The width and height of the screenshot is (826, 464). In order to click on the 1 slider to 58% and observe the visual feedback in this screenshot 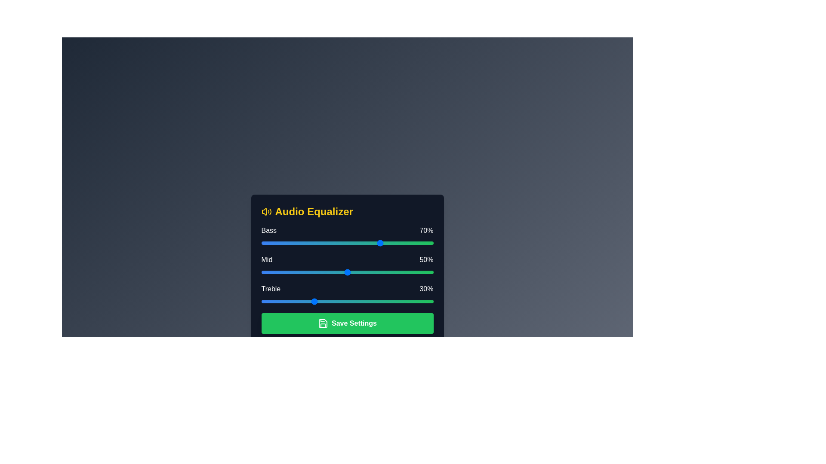, I will do `click(361, 272)`.